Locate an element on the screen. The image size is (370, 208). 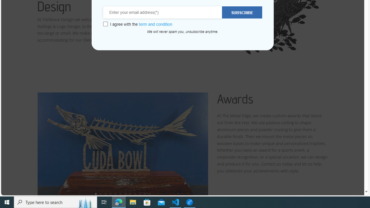
'Enter your email address(*)' is located at coordinates (162, 12).